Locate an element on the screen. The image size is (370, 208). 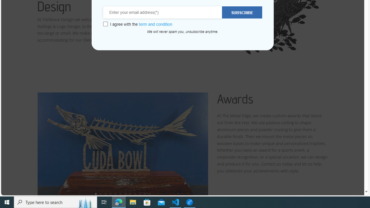
'Enter your email address(*)' is located at coordinates (162, 12).